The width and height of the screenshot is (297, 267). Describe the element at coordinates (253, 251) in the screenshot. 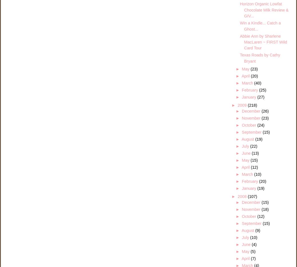

I see `'(5)'` at that location.